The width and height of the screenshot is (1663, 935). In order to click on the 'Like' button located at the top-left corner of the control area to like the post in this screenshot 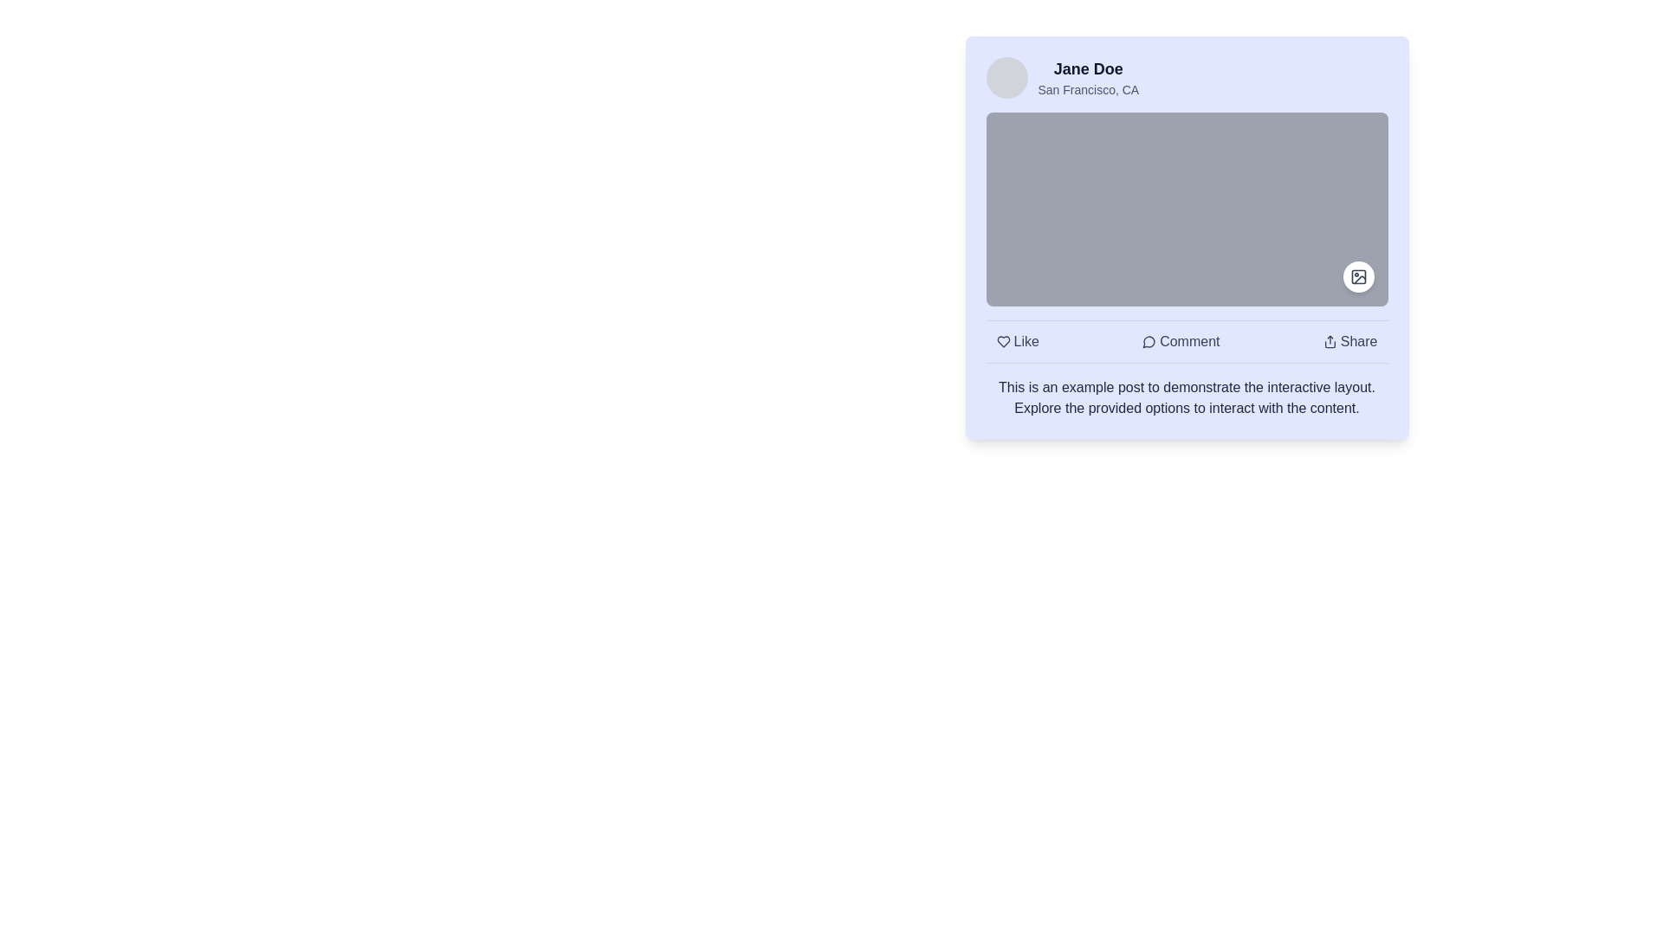, I will do `click(1018, 341)`.